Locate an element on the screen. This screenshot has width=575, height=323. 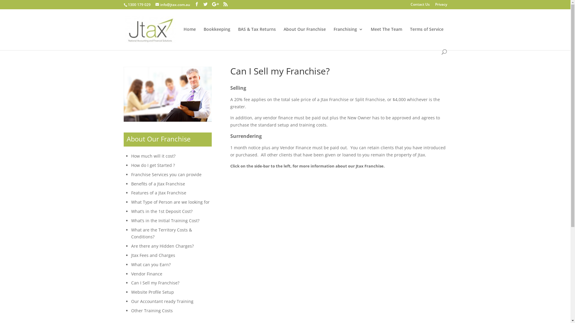
'Website Profile Setup' is located at coordinates (152, 292).